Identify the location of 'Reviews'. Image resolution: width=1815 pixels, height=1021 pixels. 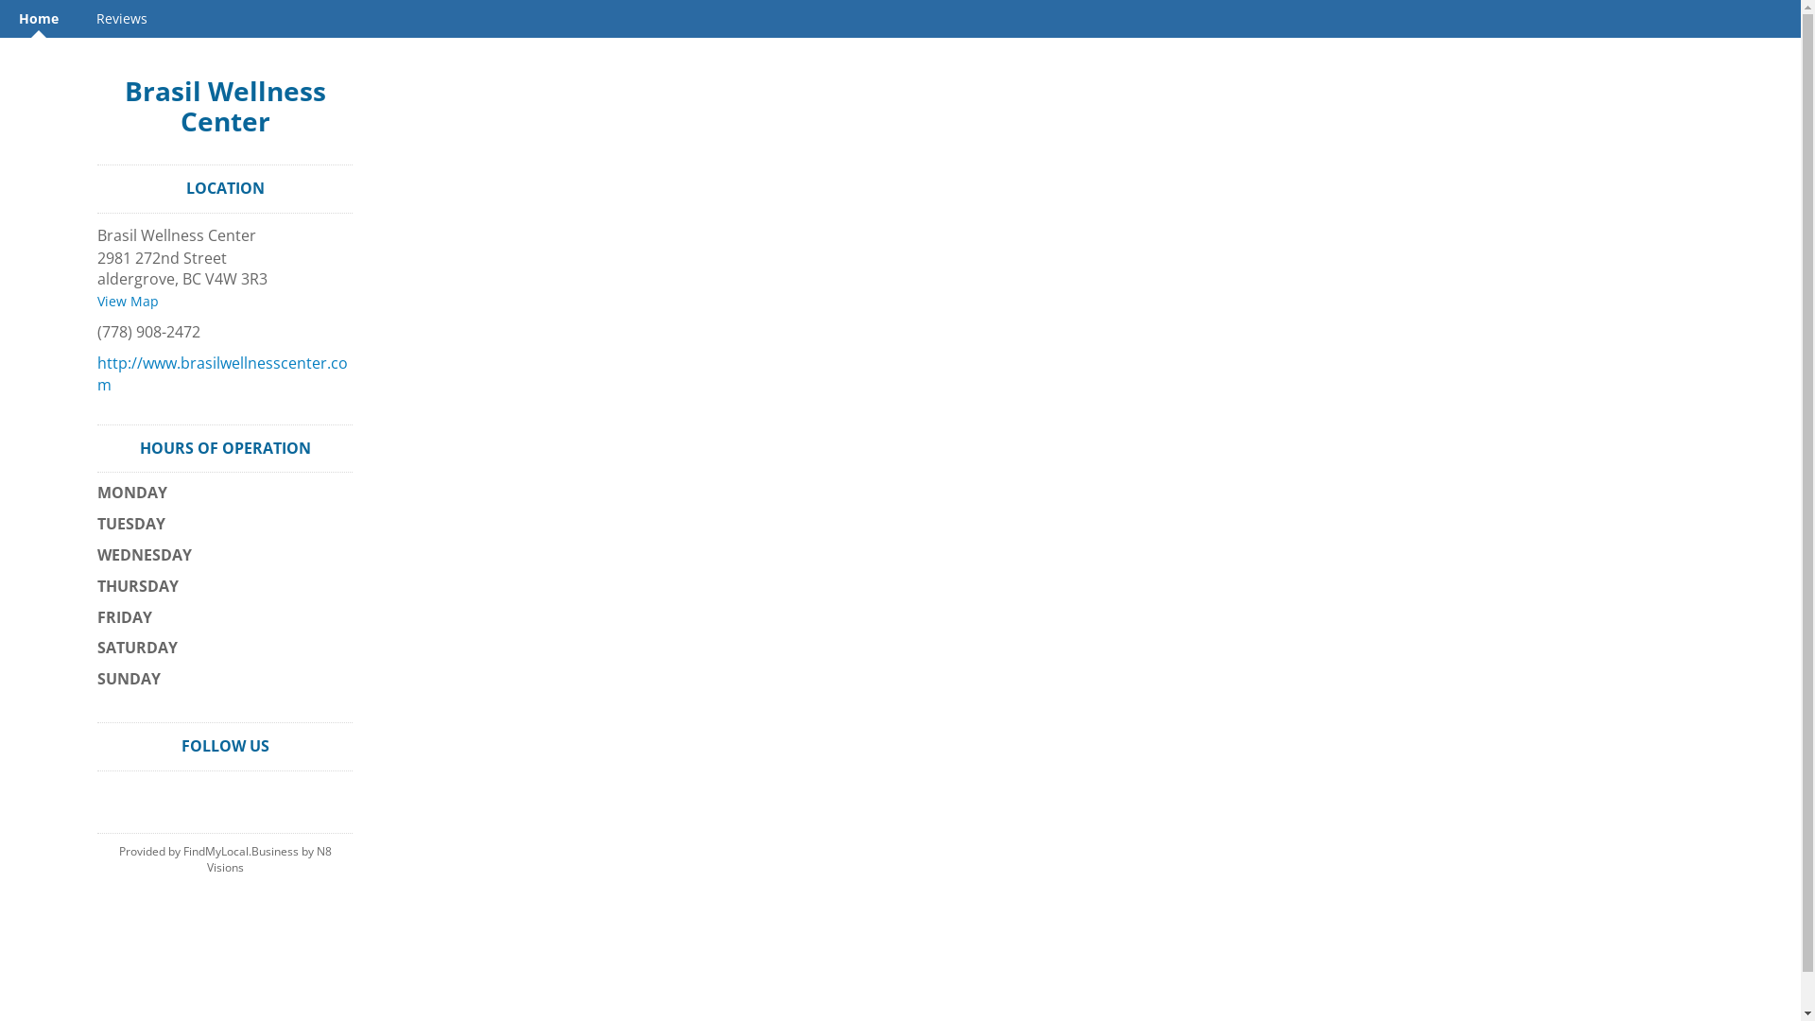
(121, 18).